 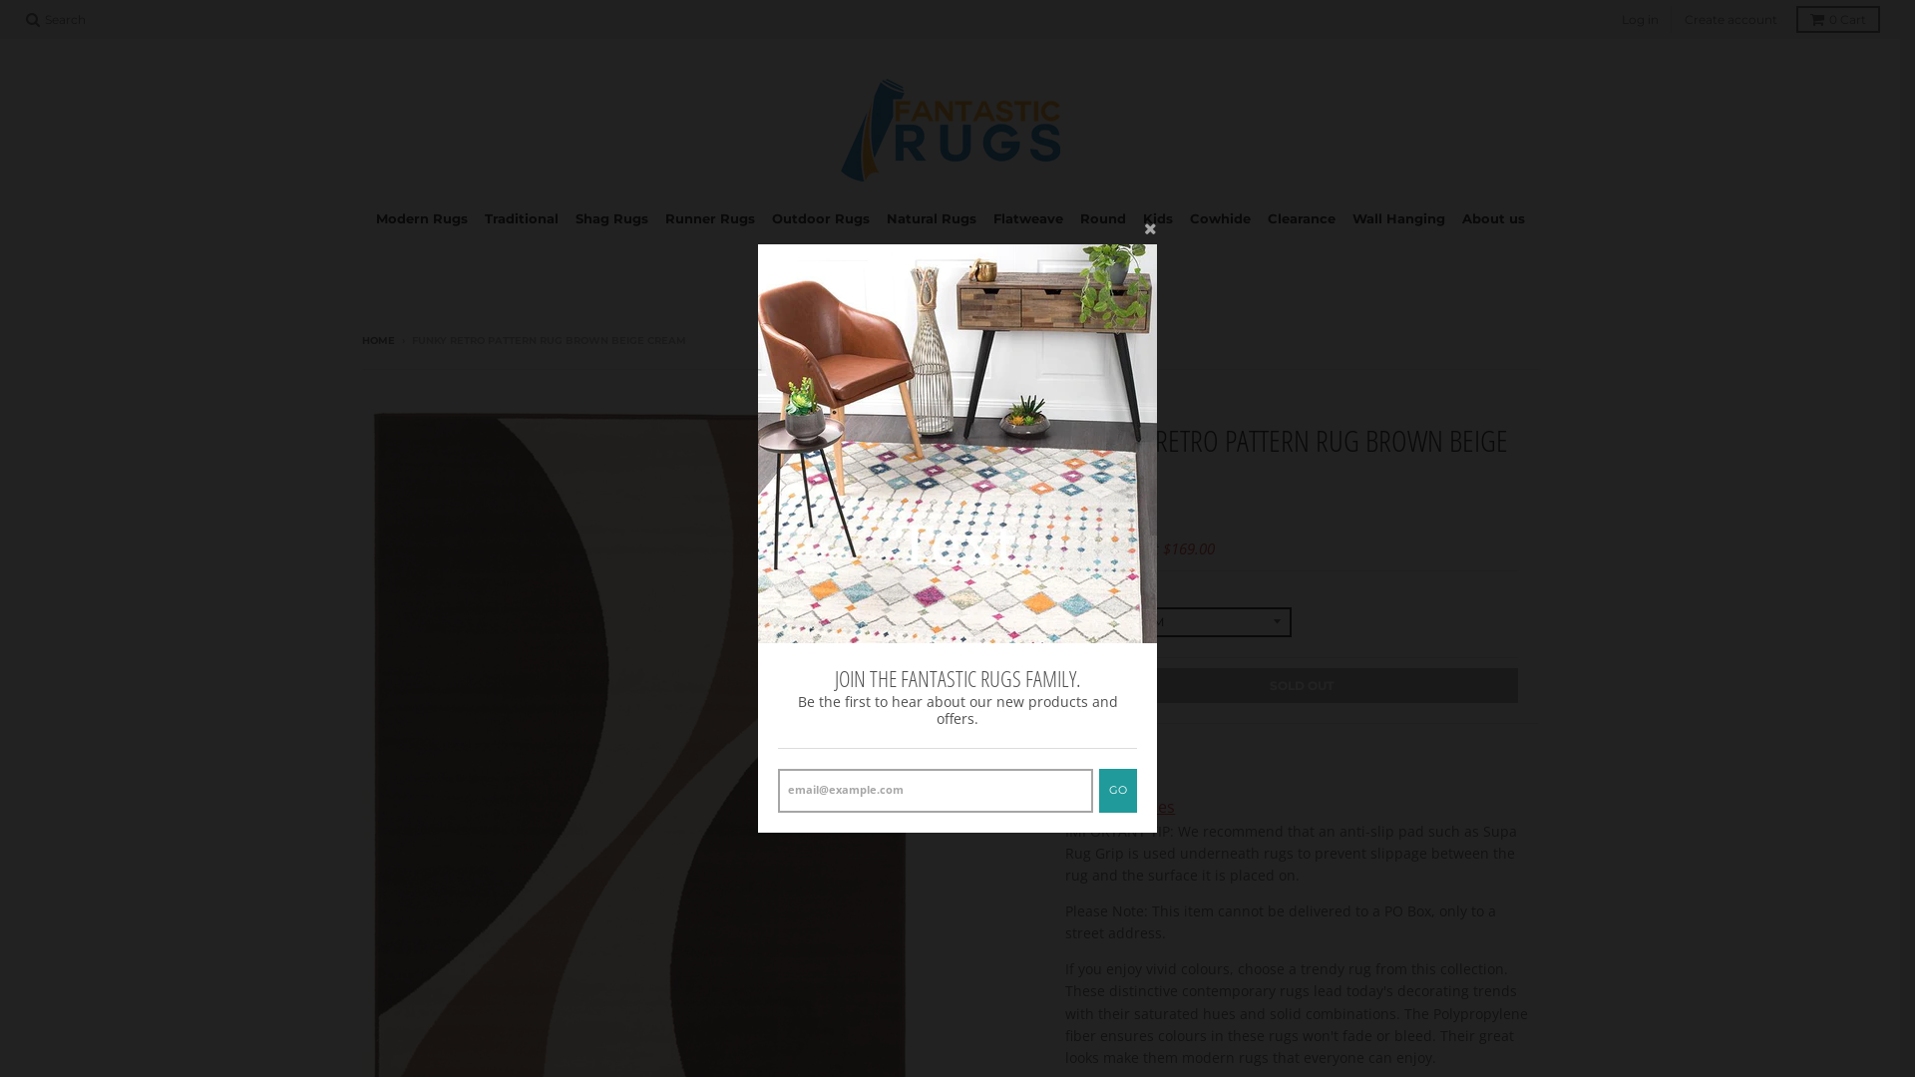 I want to click on 'Create account', so click(x=1729, y=19).